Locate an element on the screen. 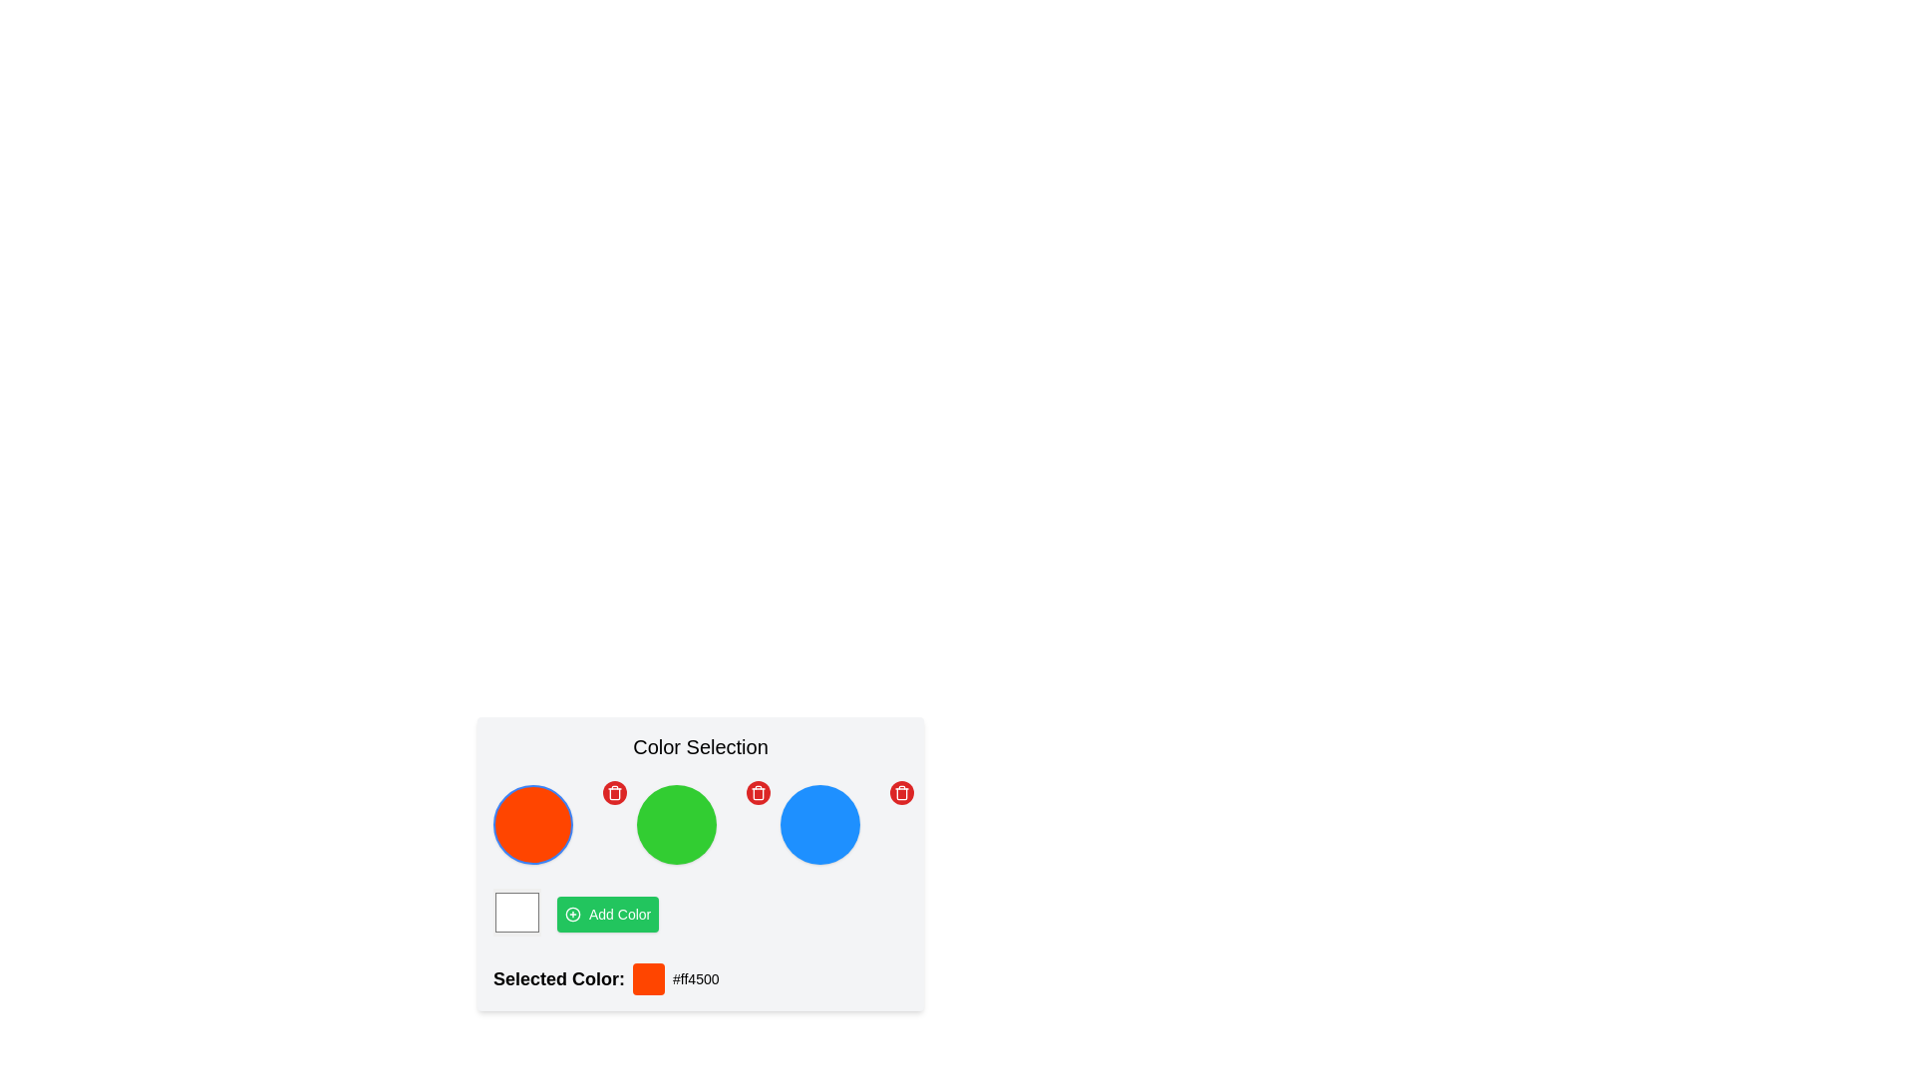  the circular plus sign icon within the 'Add Color' button located in the bottom-left section of the interface is located at coordinates (572, 914).